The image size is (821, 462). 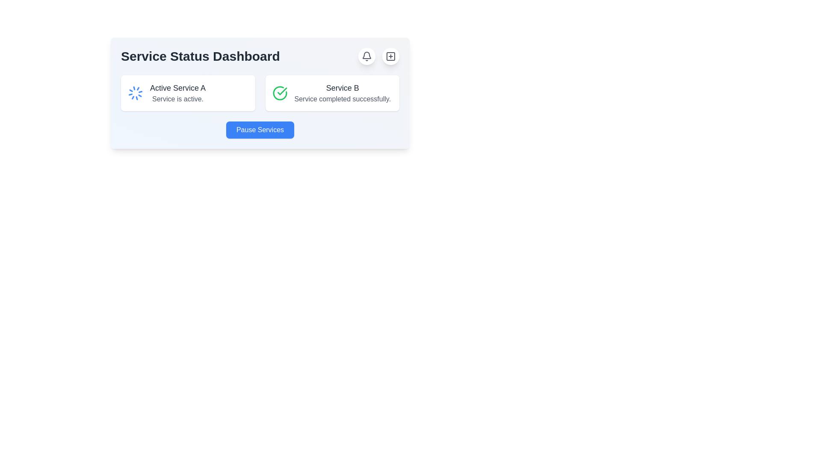 I want to click on the circular button with a white background and a plus sign icon, so click(x=390, y=56).